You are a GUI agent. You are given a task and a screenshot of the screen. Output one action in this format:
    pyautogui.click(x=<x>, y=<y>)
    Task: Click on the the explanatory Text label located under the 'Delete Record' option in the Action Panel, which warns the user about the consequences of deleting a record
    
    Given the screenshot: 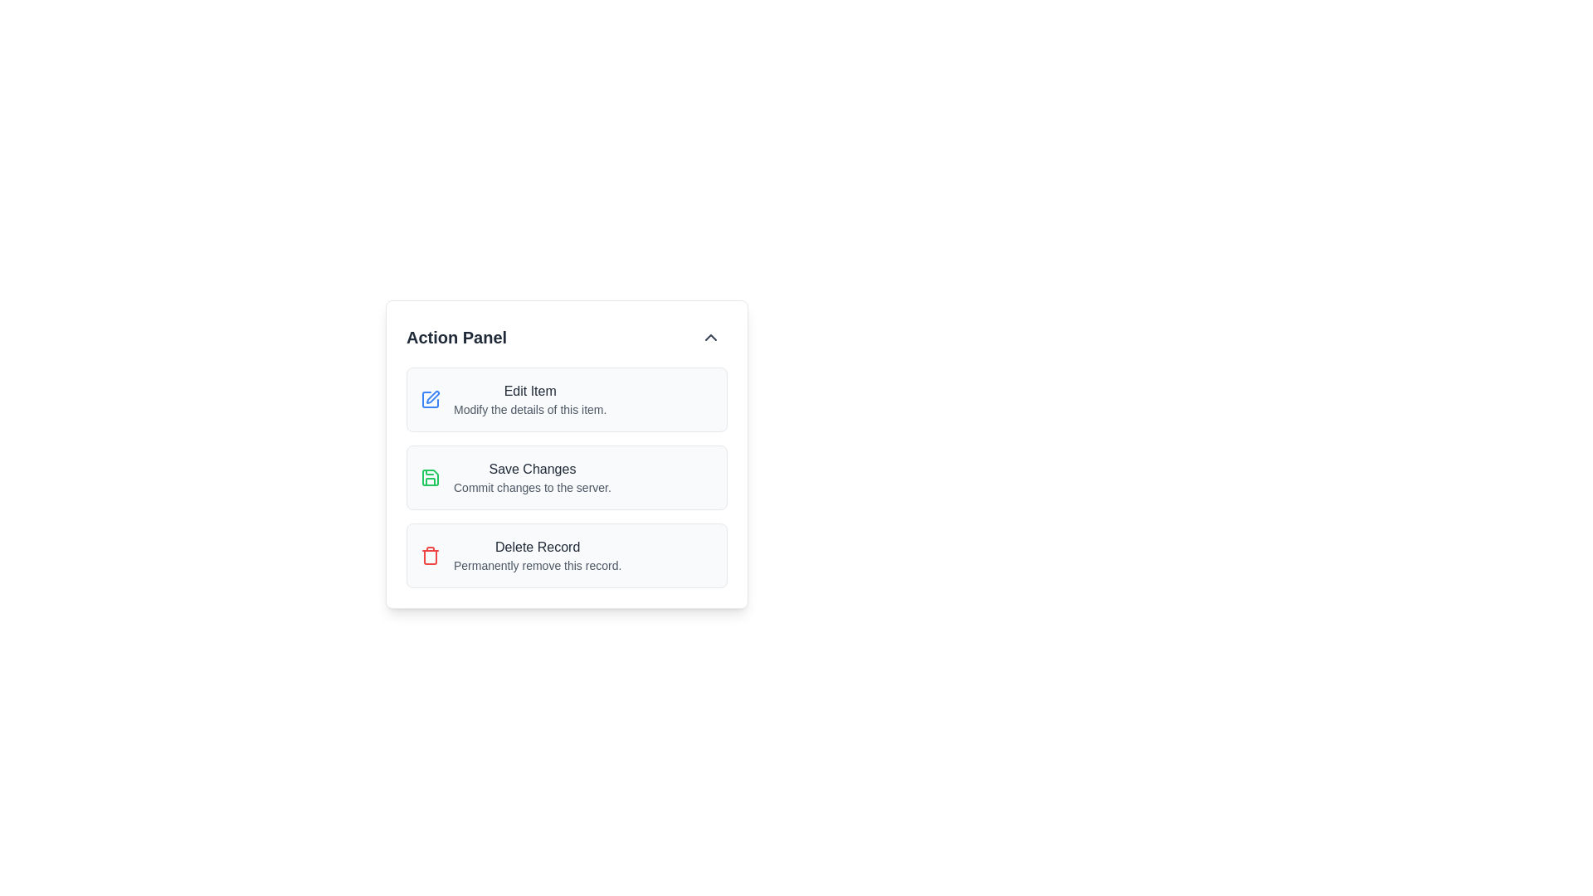 What is the action you would take?
    pyautogui.click(x=538, y=565)
    